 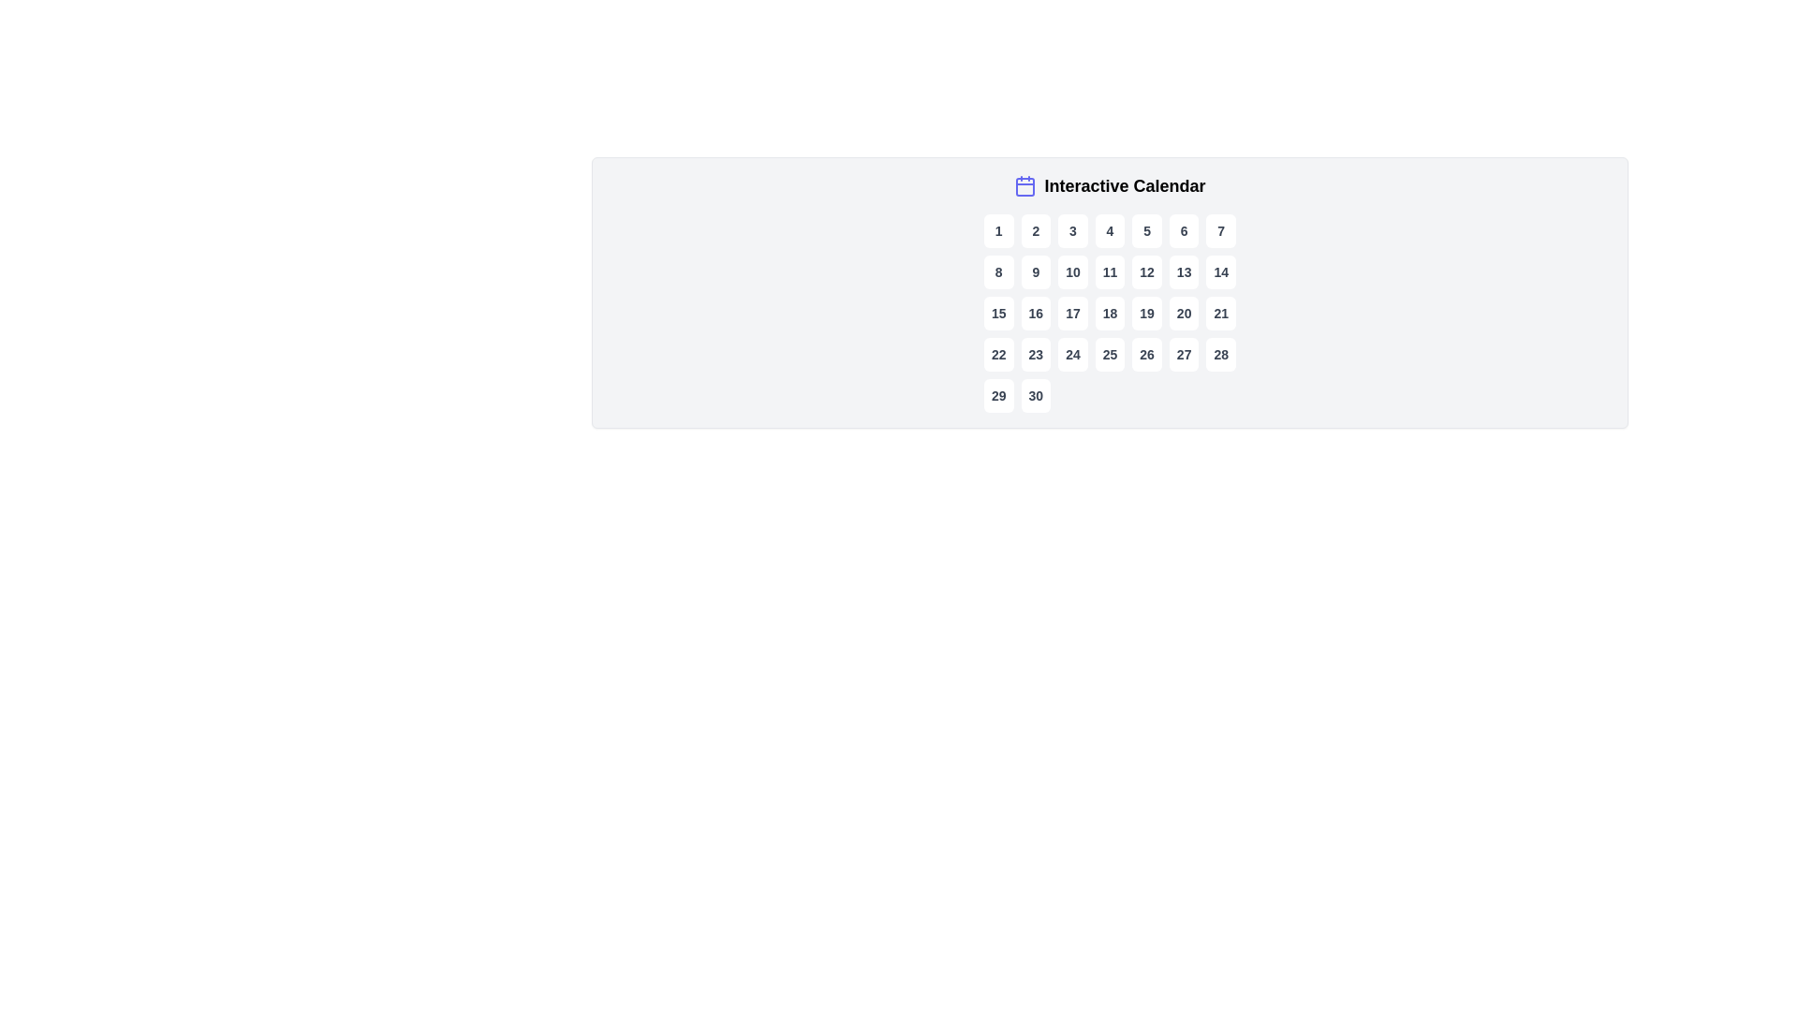 What do you see at coordinates (1183, 354) in the screenshot?
I see `the interactive button for day 27 in the calendar grid` at bounding box center [1183, 354].